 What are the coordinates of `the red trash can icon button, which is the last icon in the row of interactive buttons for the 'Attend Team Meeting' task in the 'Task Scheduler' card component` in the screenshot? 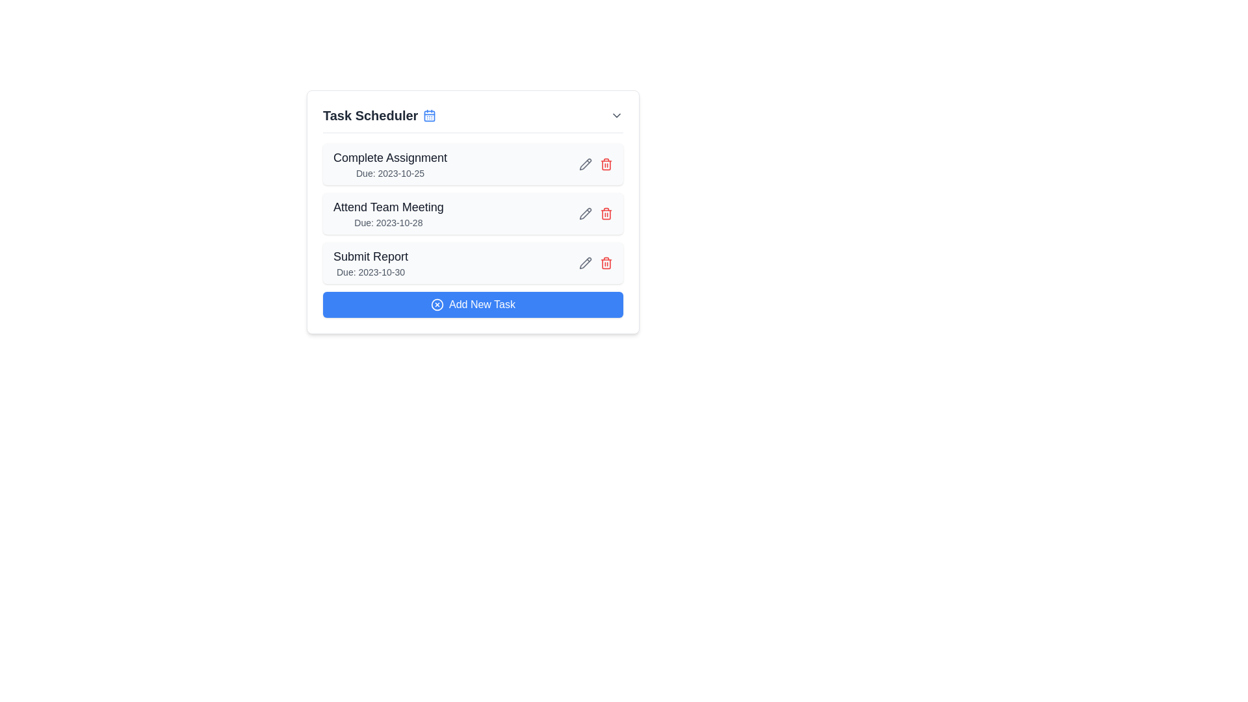 It's located at (605, 213).